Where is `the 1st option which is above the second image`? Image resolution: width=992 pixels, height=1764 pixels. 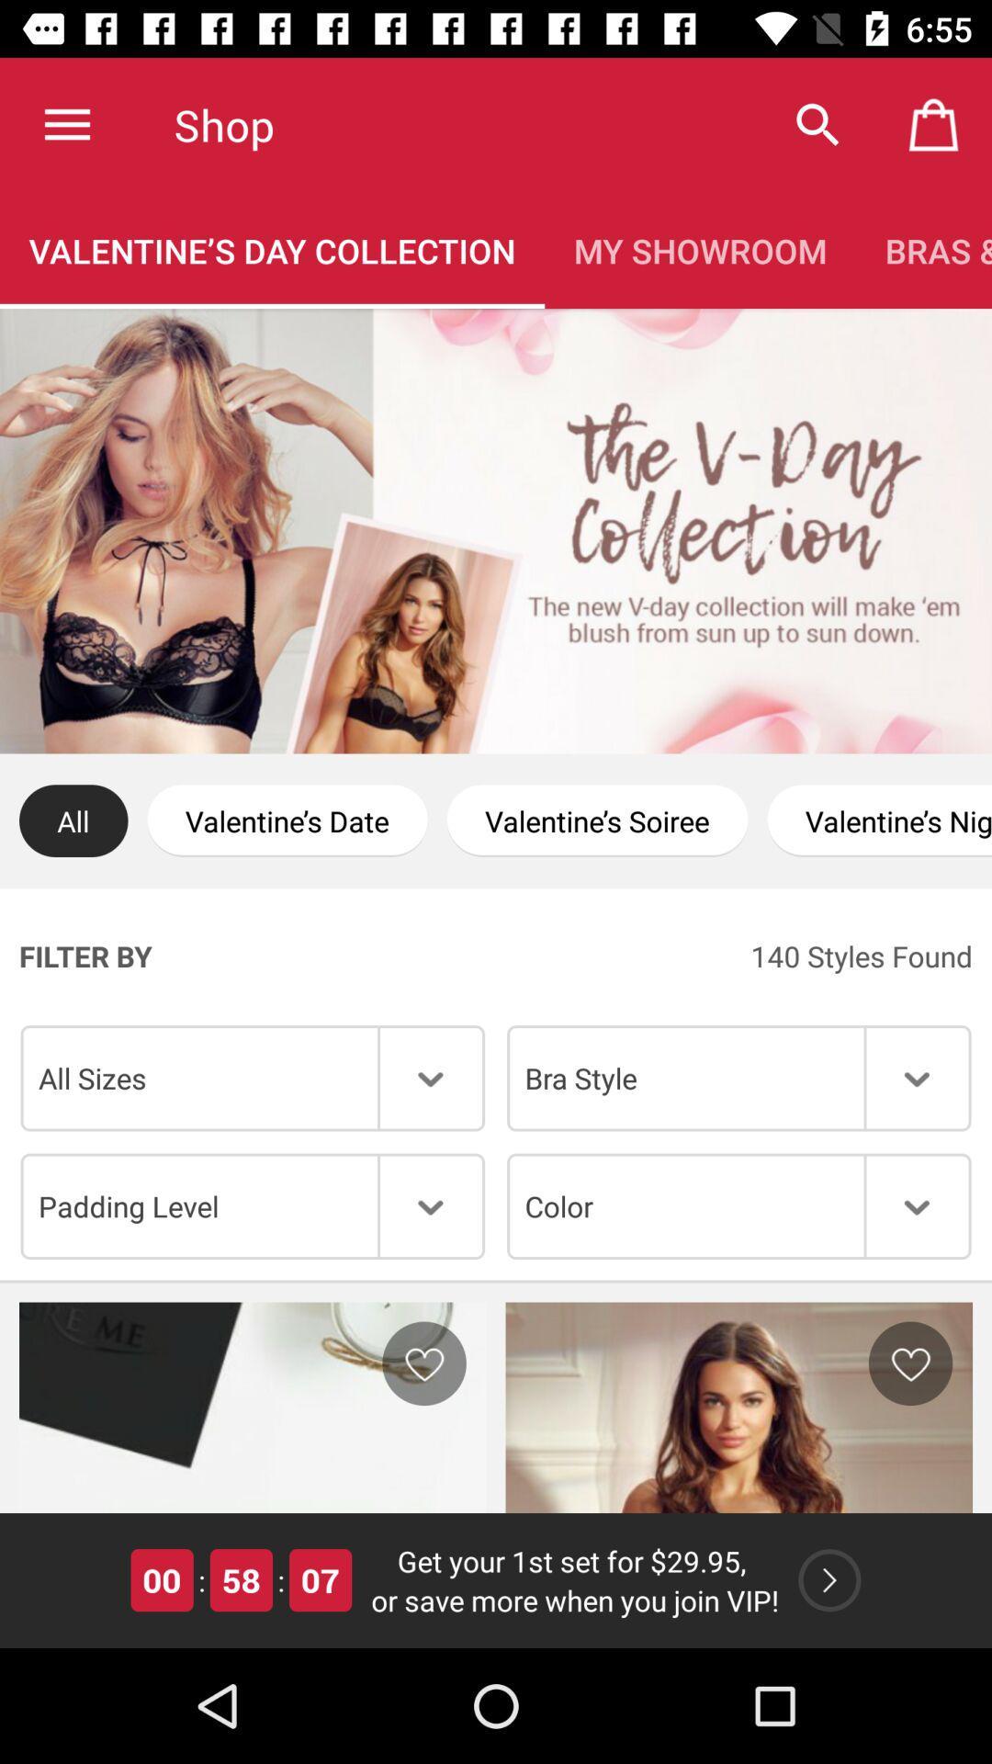
the 1st option which is above the second image is located at coordinates (253, 1206).